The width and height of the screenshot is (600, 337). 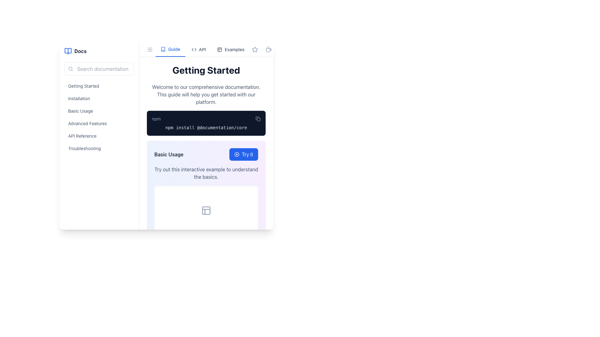 What do you see at coordinates (206, 127) in the screenshot?
I see `the Text Display element that shows the command text for software installation, located below the 'npm' label in a rounded rectangle with a dark background` at bounding box center [206, 127].